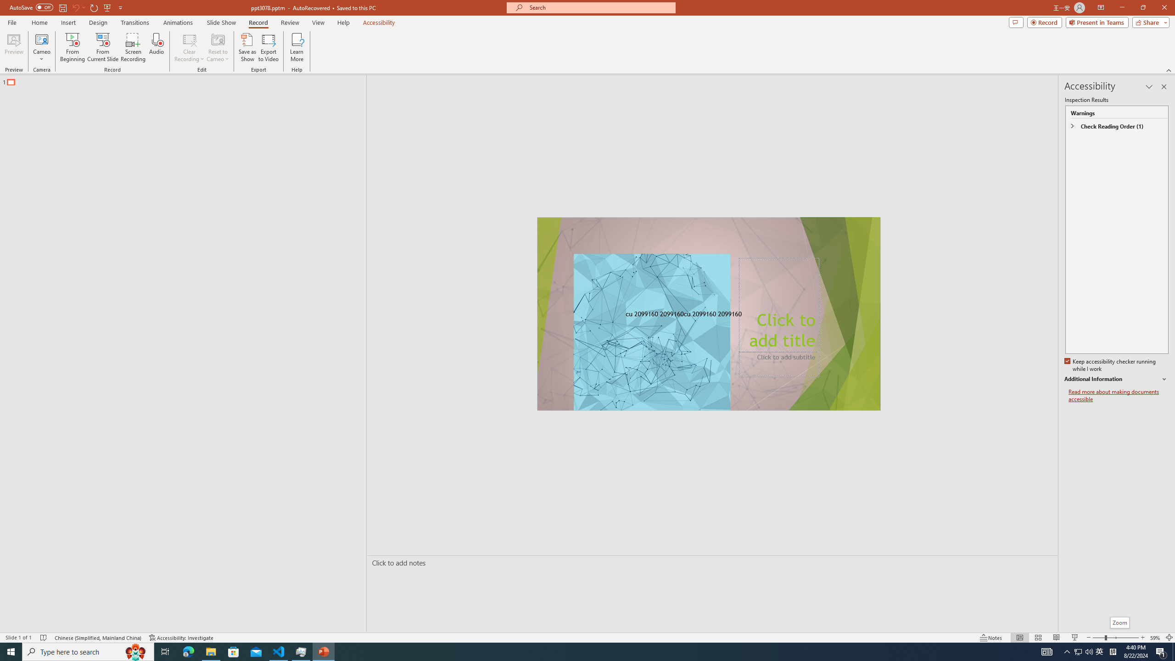 This screenshot has height=661, width=1175. I want to click on 'Screen Recording', so click(133, 47).